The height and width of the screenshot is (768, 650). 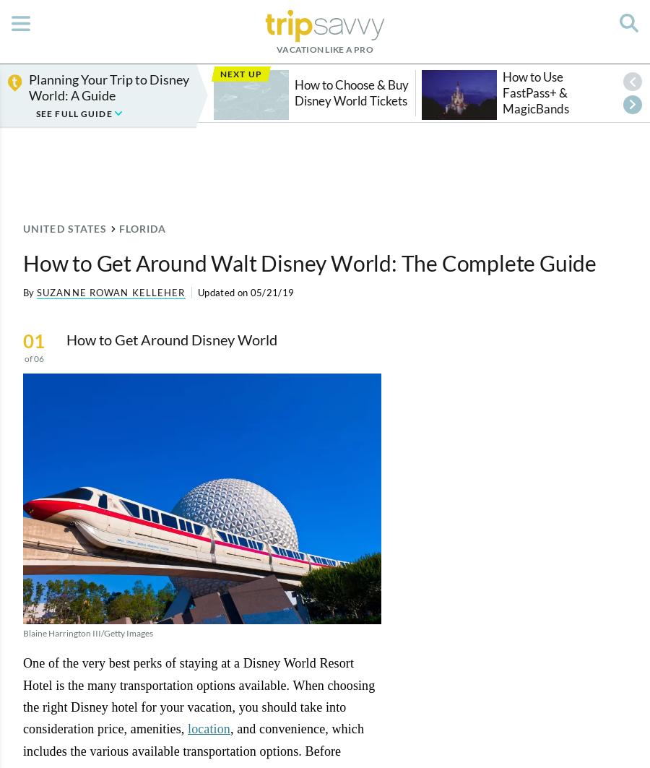 I want to click on 'location', so click(x=207, y=728).